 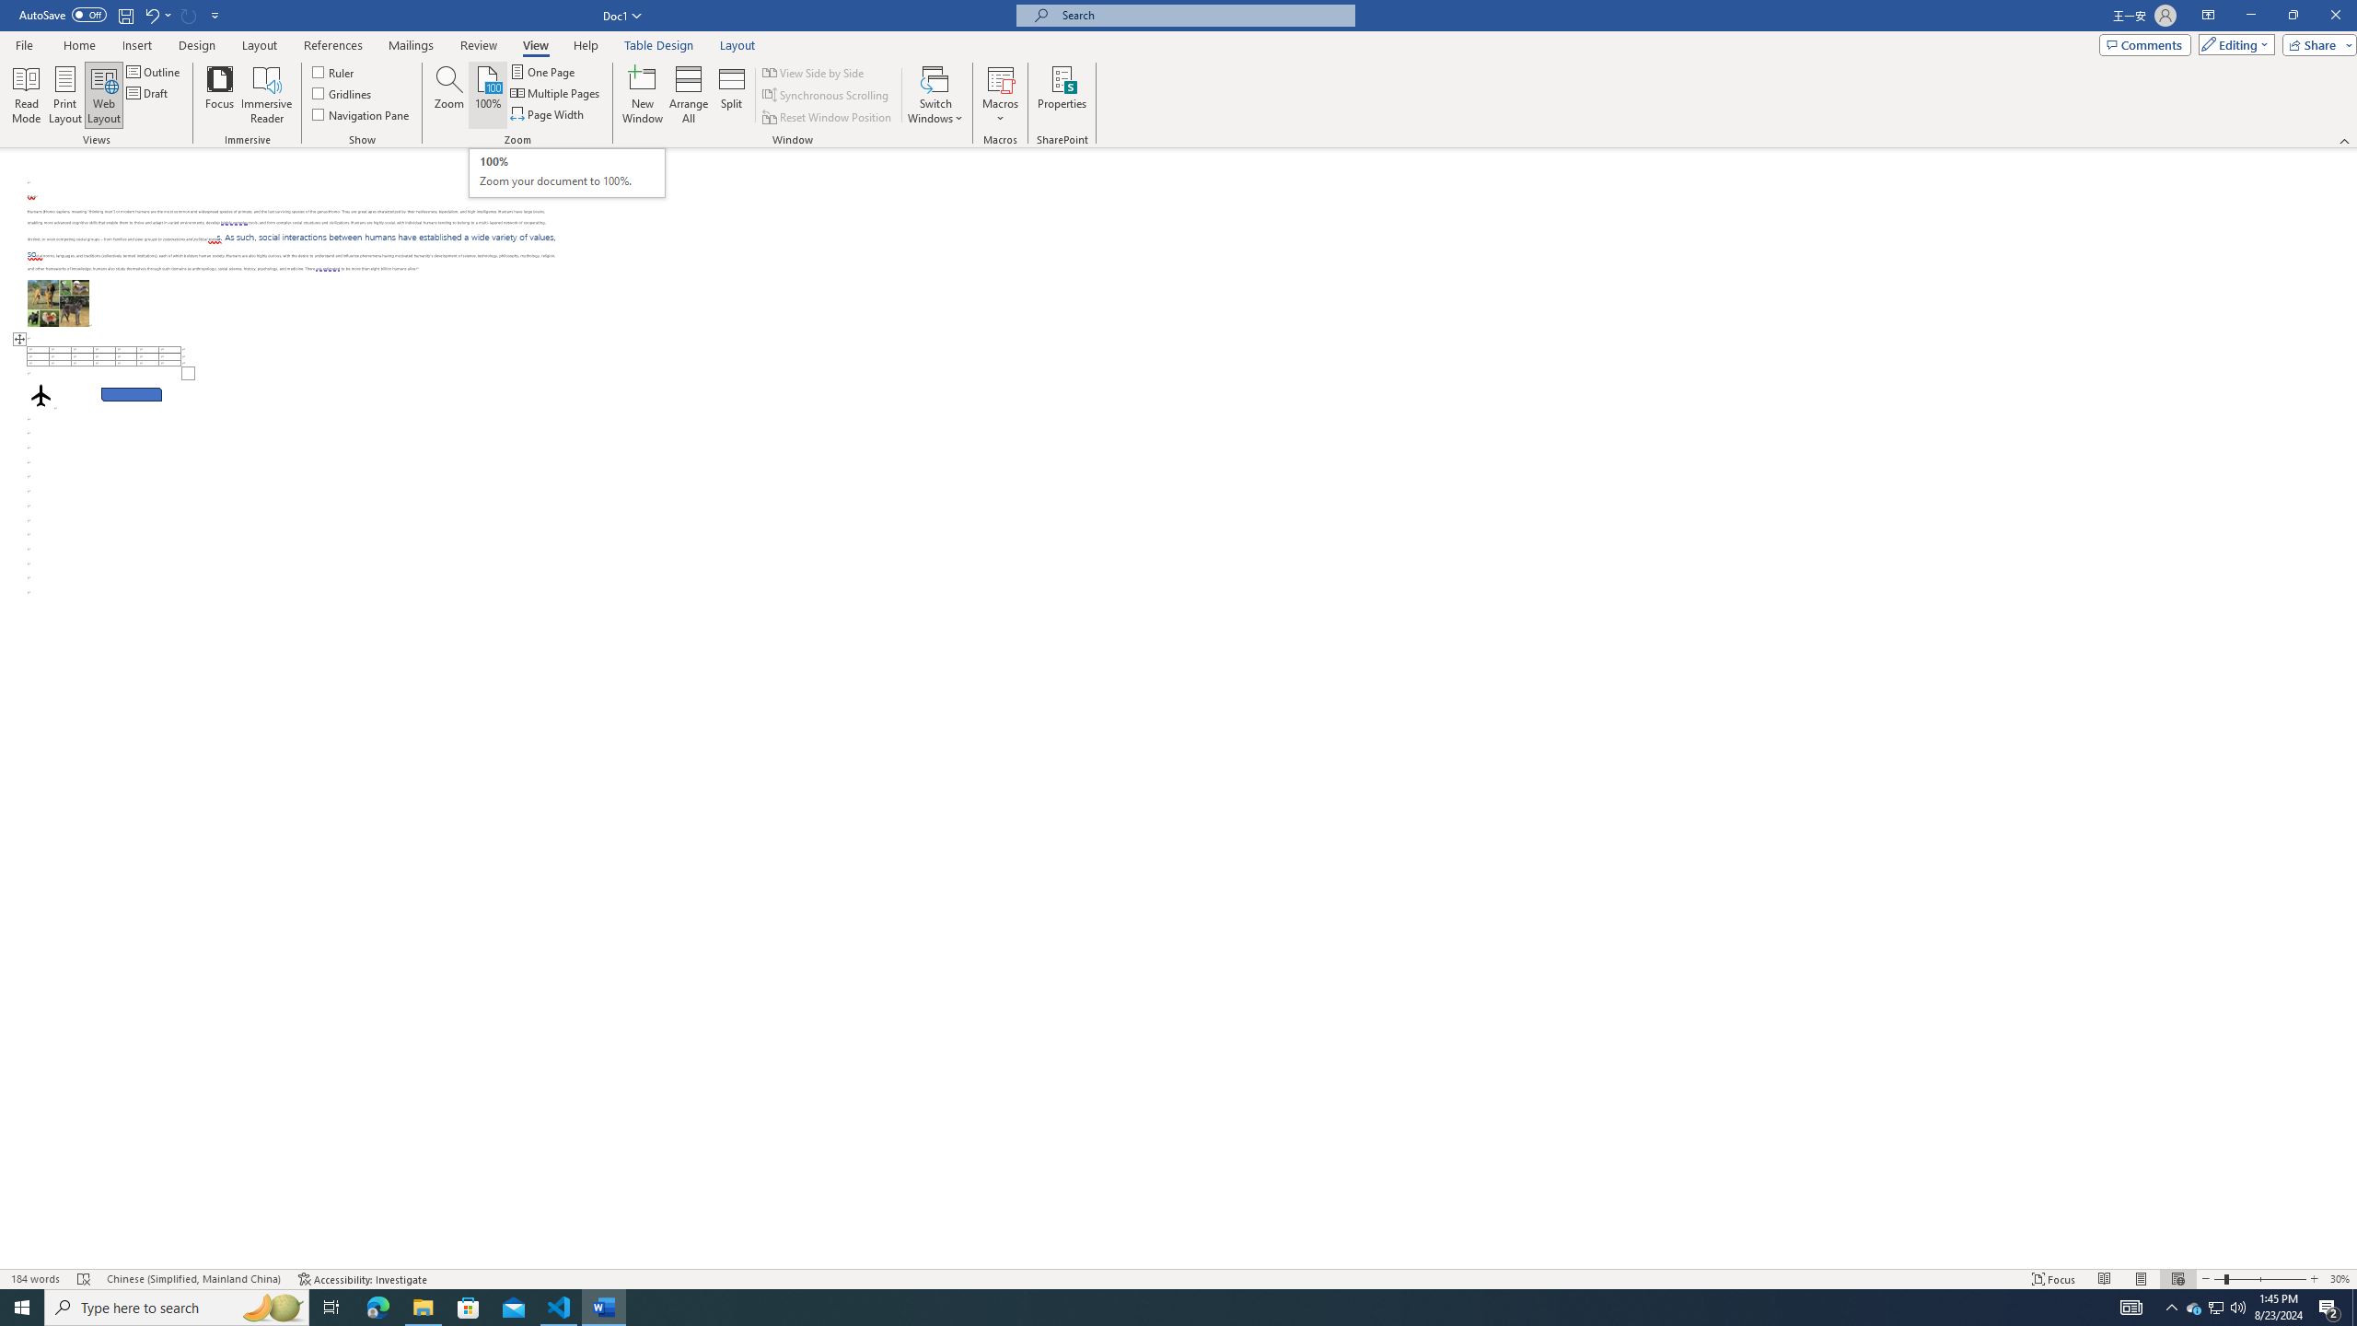 What do you see at coordinates (2340, 1279) in the screenshot?
I see `'Zoom 30%'` at bounding box center [2340, 1279].